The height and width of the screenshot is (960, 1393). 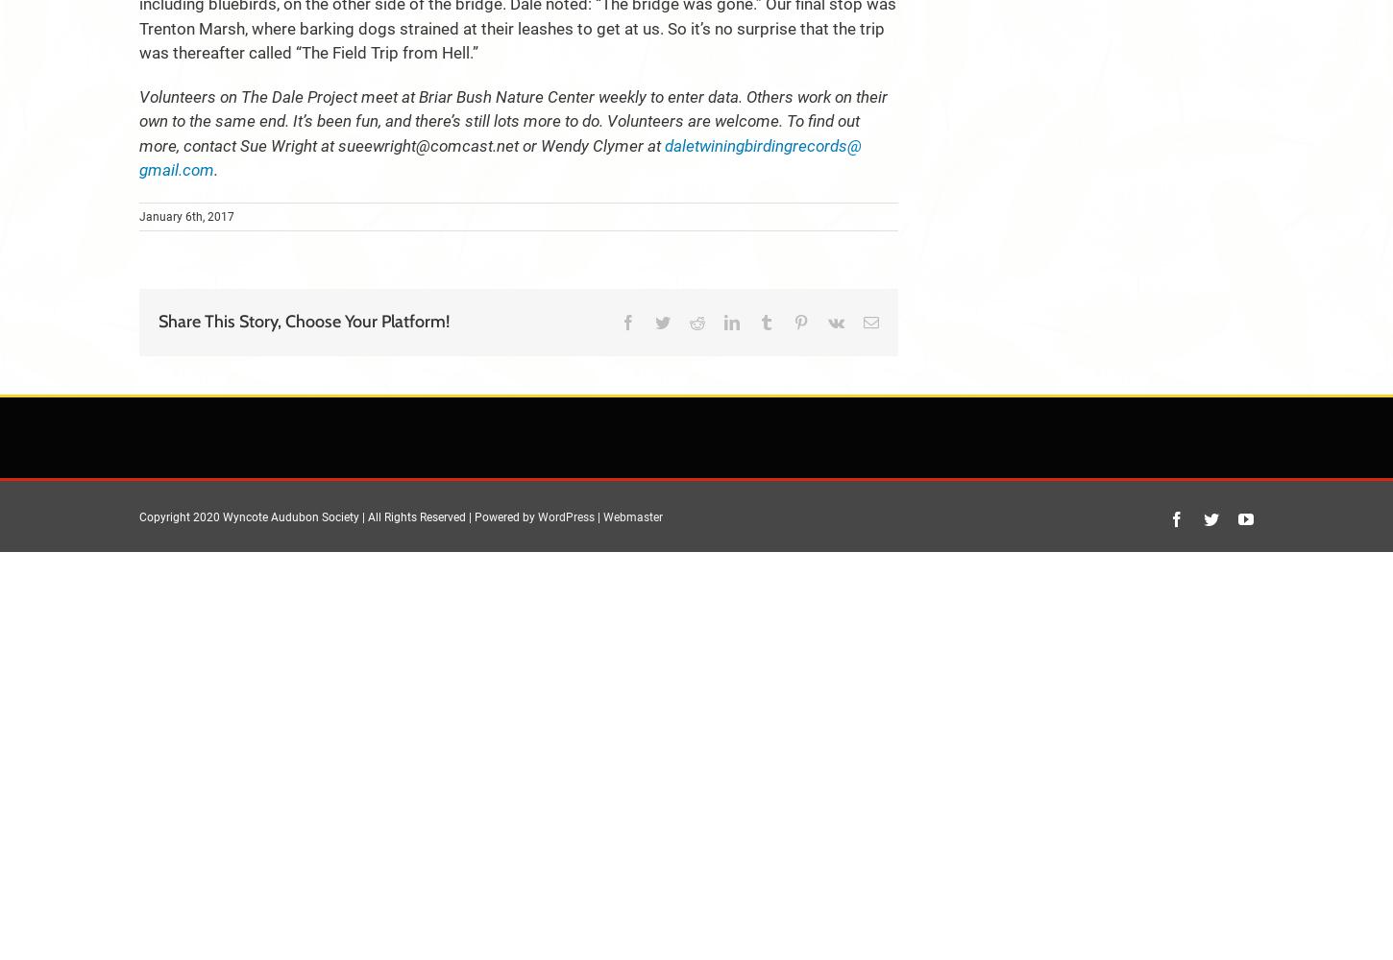 What do you see at coordinates (304, 321) in the screenshot?
I see `'Share This Story, Choose Your Platform!'` at bounding box center [304, 321].